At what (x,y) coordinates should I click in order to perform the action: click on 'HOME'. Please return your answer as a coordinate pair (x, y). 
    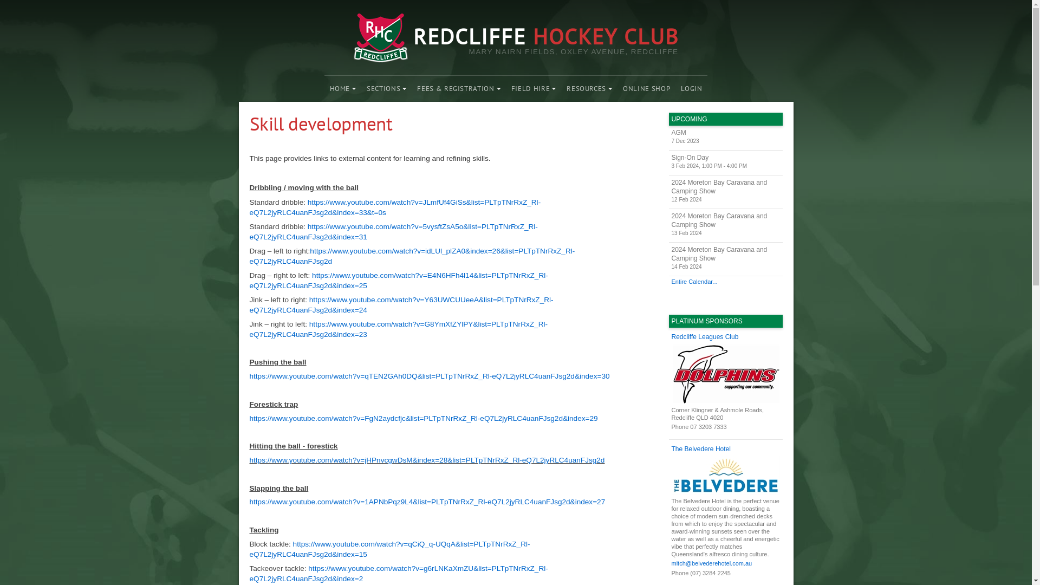
    Looking at the image, I should click on (342, 88).